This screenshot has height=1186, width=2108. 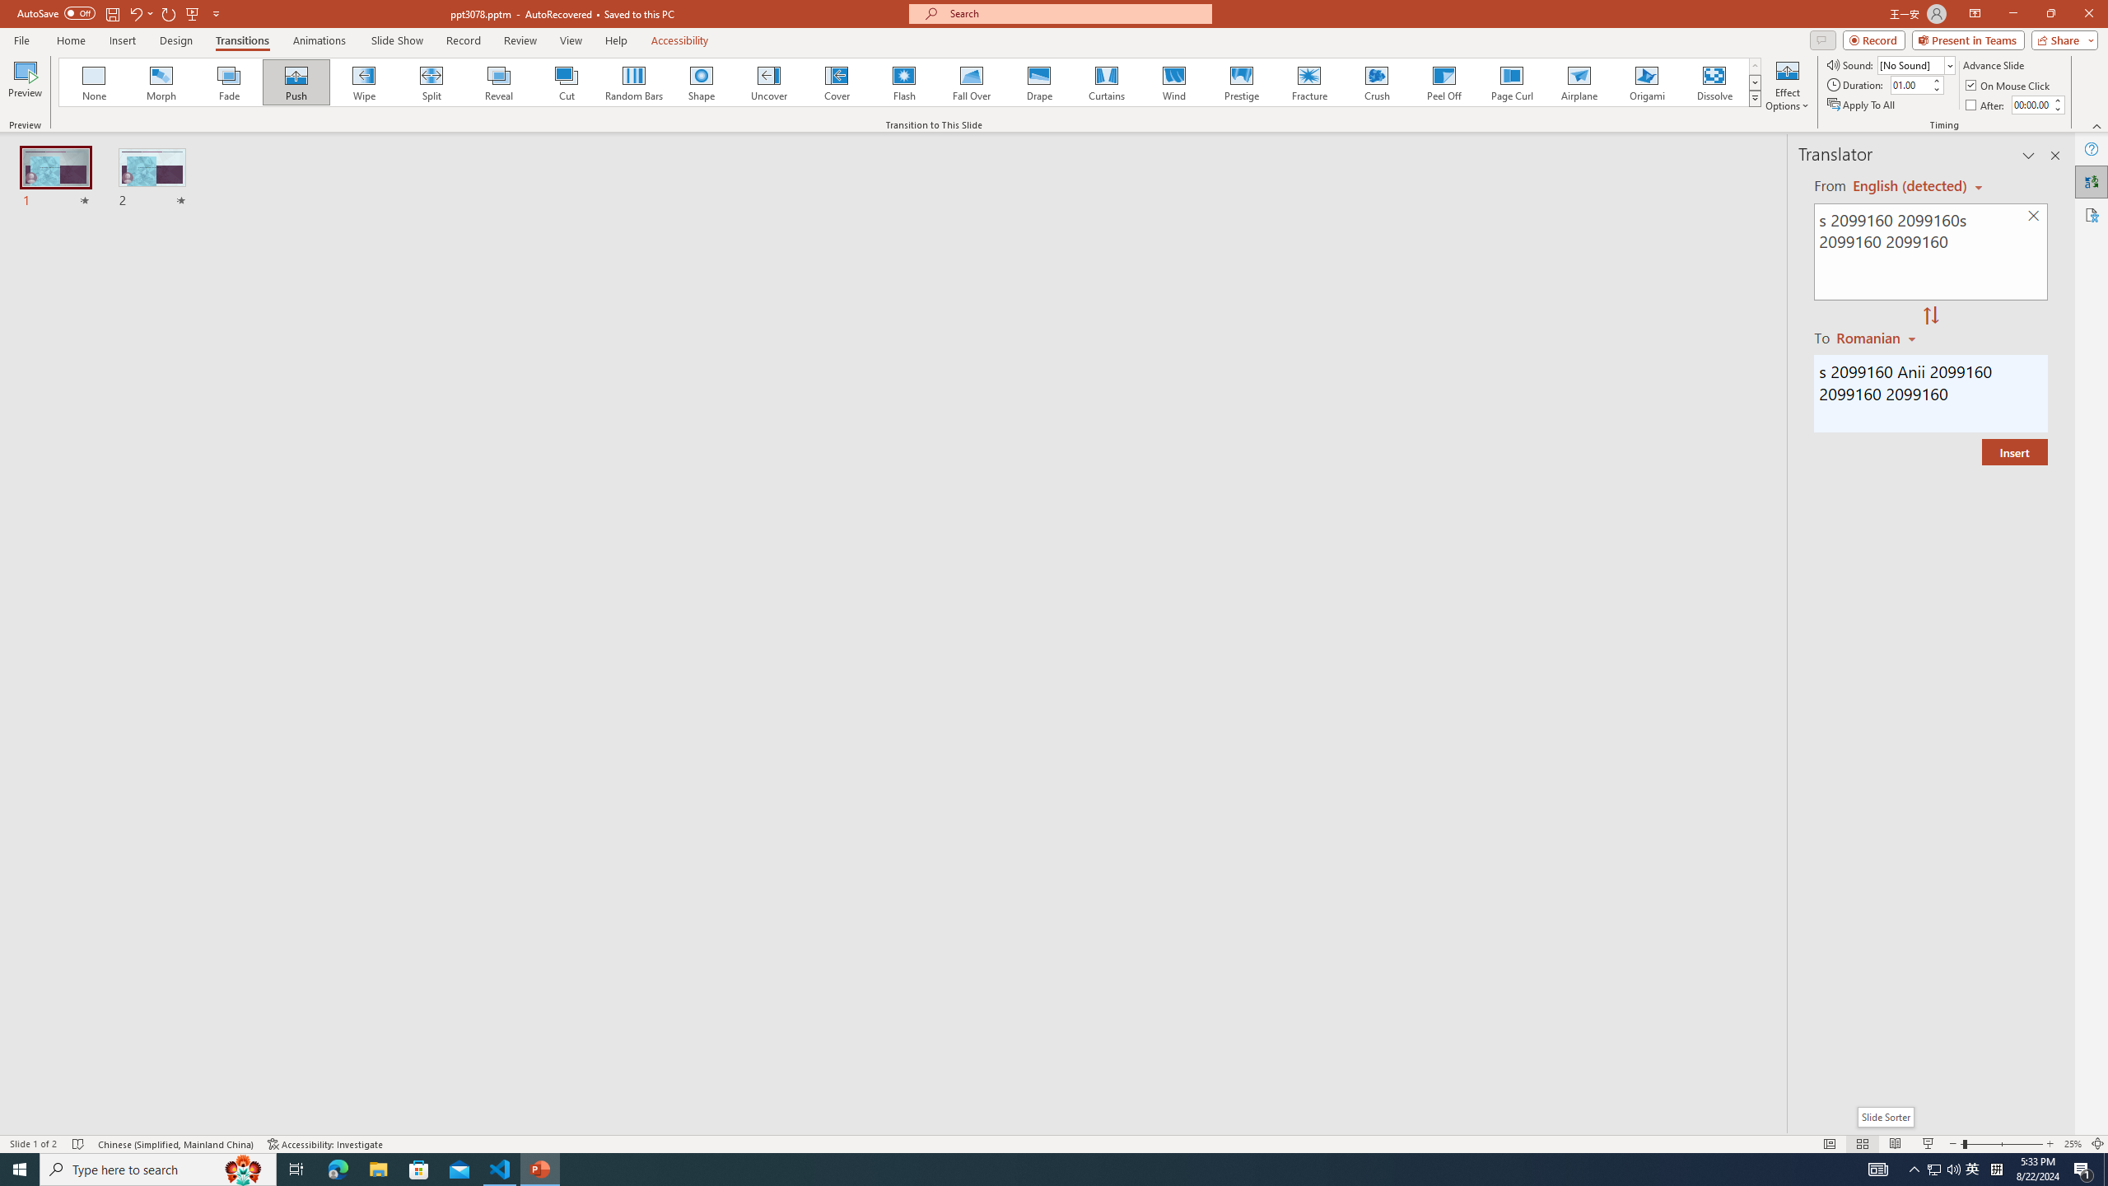 What do you see at coordinates (296, 82) in the screenshot?
I see `'Push'` at bounding box center [296, 82].